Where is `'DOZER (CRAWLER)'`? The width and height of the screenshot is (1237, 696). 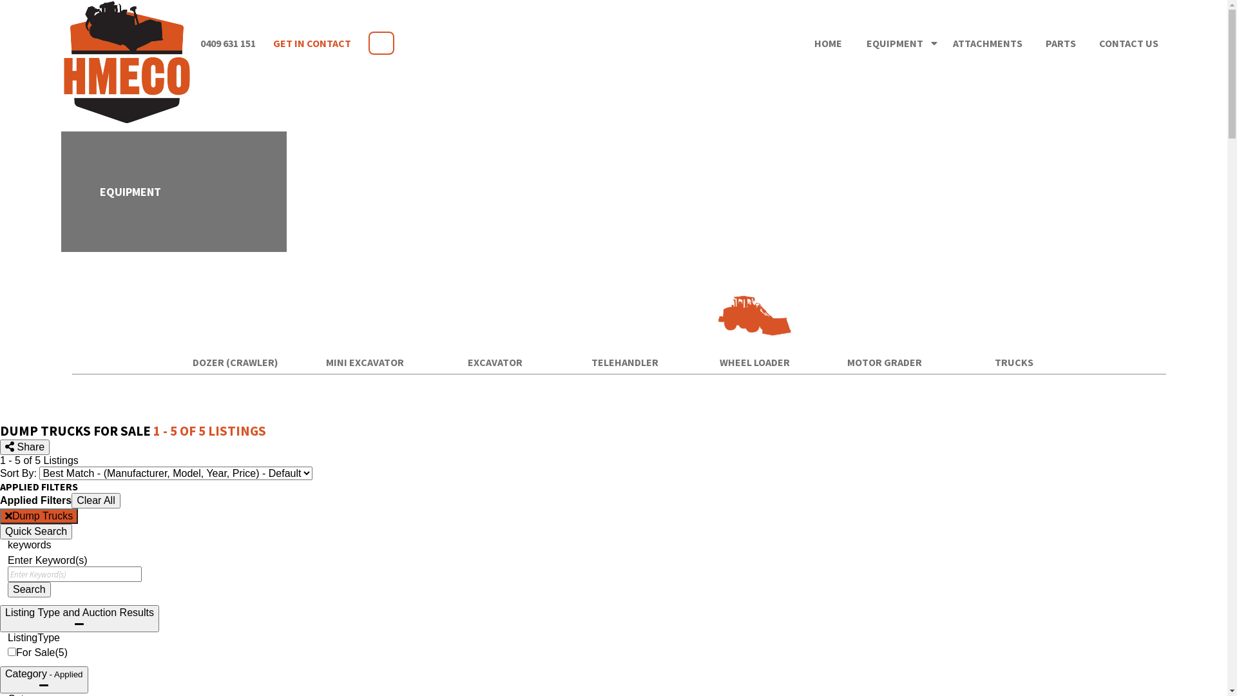
'DOZER (CRAWLER)' is located at coordinates (235, 362).